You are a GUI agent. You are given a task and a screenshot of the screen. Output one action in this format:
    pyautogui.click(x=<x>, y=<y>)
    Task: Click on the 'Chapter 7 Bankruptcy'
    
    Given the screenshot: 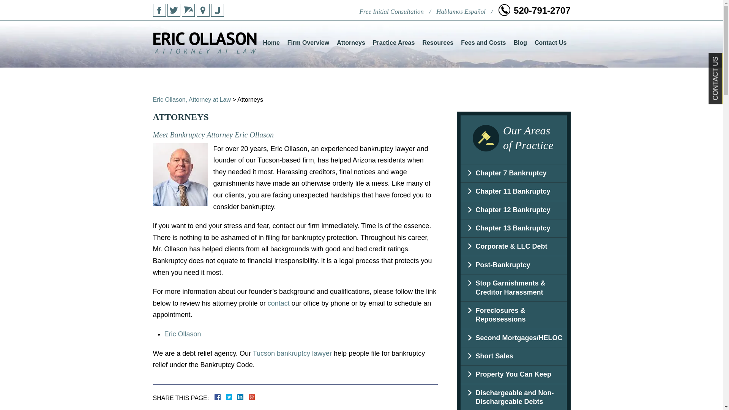 What is the action you would take?
    pyautogui.click(x=513, y=173)
    